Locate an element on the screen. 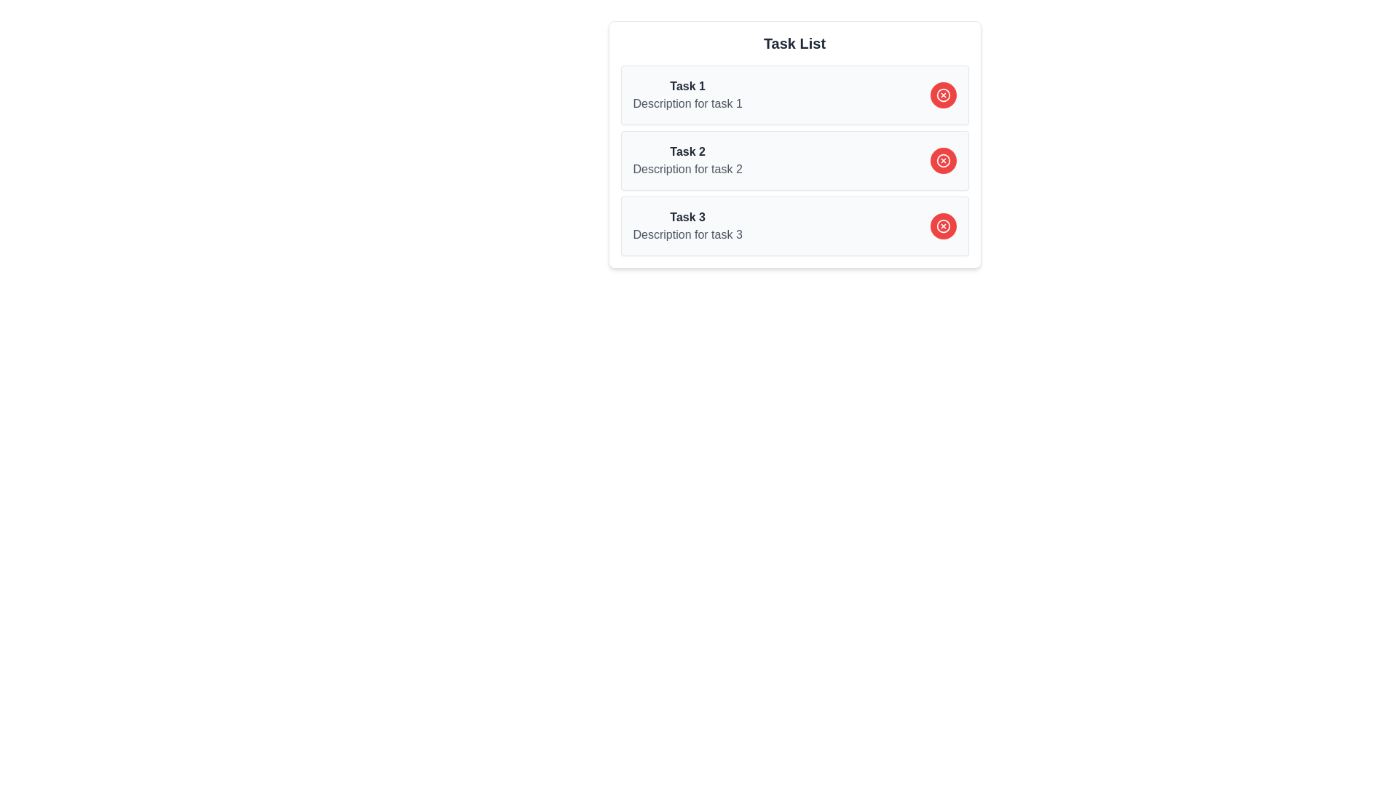  the delete button associated with 'Task 3' is located at coordinates (943, 226).